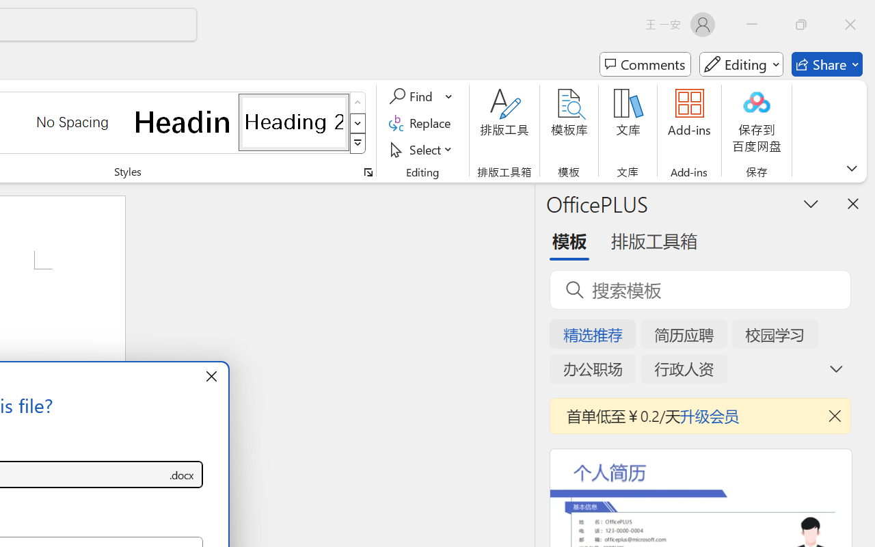  Describe the element at coordinates (645, 64) in the screenshot. I see `'Comments'` at that location.